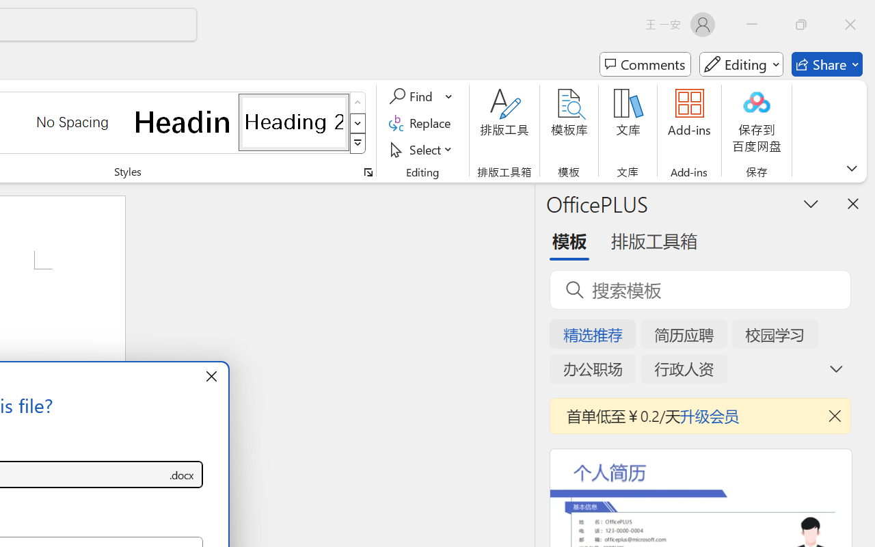  Describe the element at coordinates (645, 64) in the screenshot. I see `'Comments'` at that location.